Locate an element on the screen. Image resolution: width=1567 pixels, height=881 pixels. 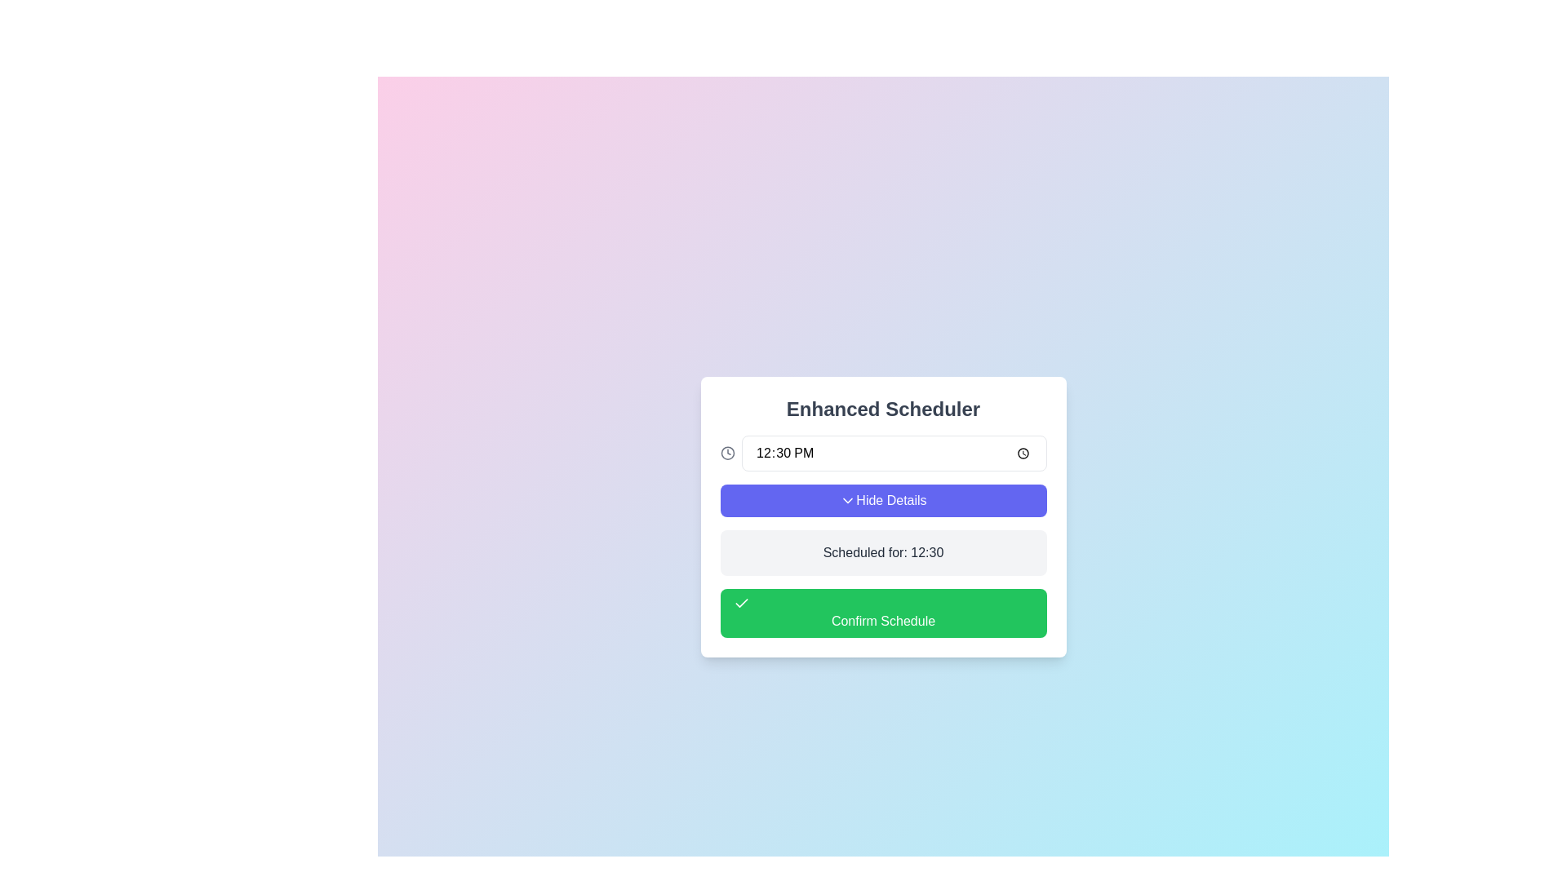
the static text label that displays 'Scheduled for: 12:30', located centrally within a light gray background panel beneath the 'Hide Details' button is located at coordinates (882, 552).